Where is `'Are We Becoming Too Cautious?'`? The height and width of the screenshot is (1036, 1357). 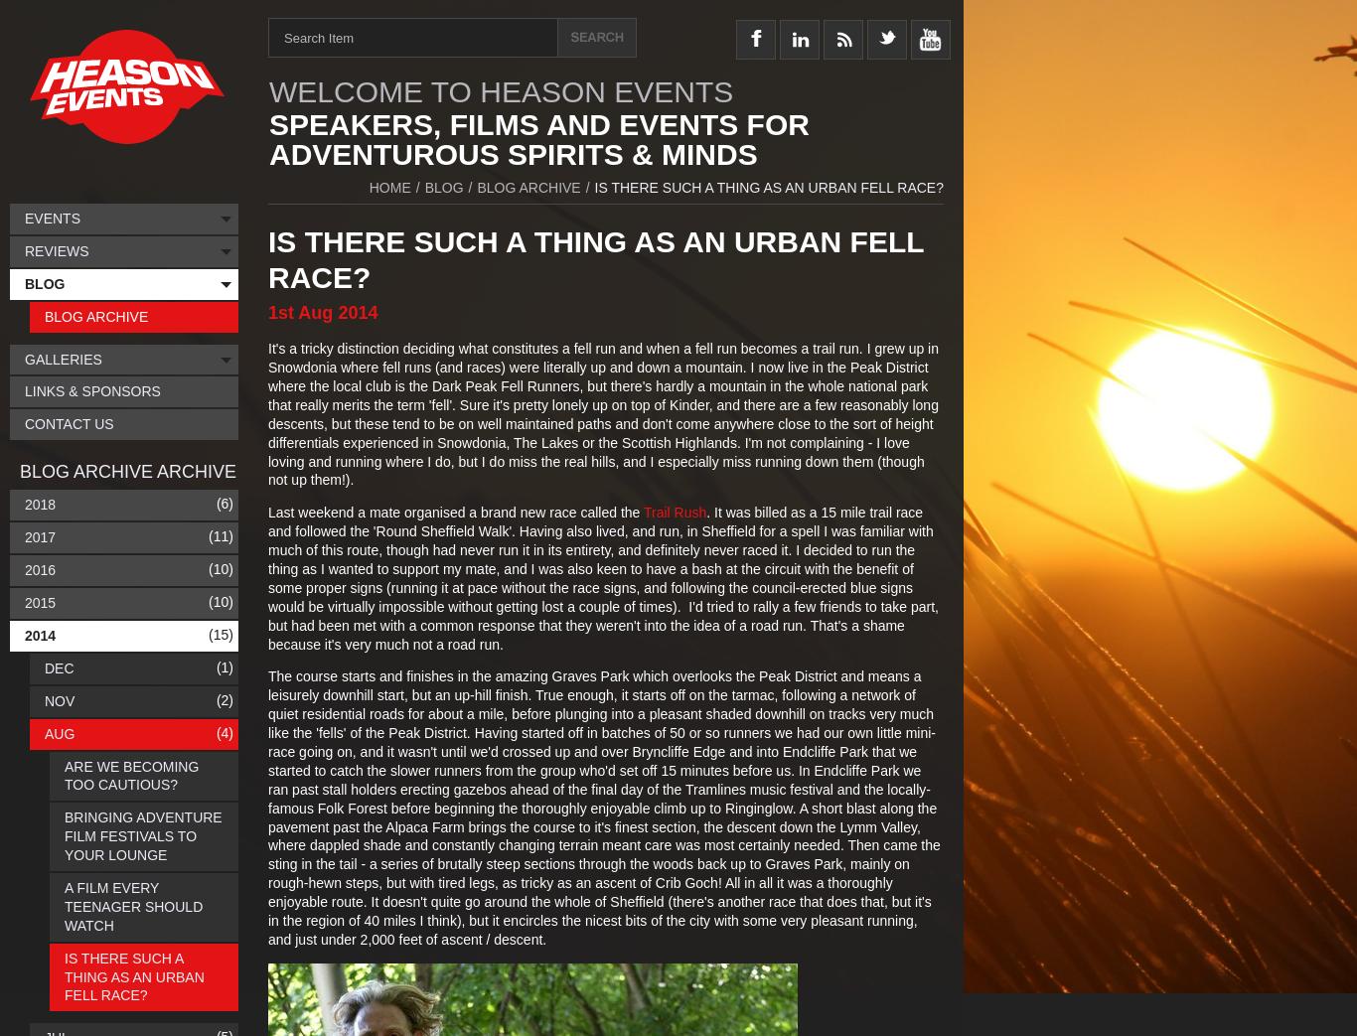
'Are We Becoming Too Cautious?' is located at coordinates (130, 774).